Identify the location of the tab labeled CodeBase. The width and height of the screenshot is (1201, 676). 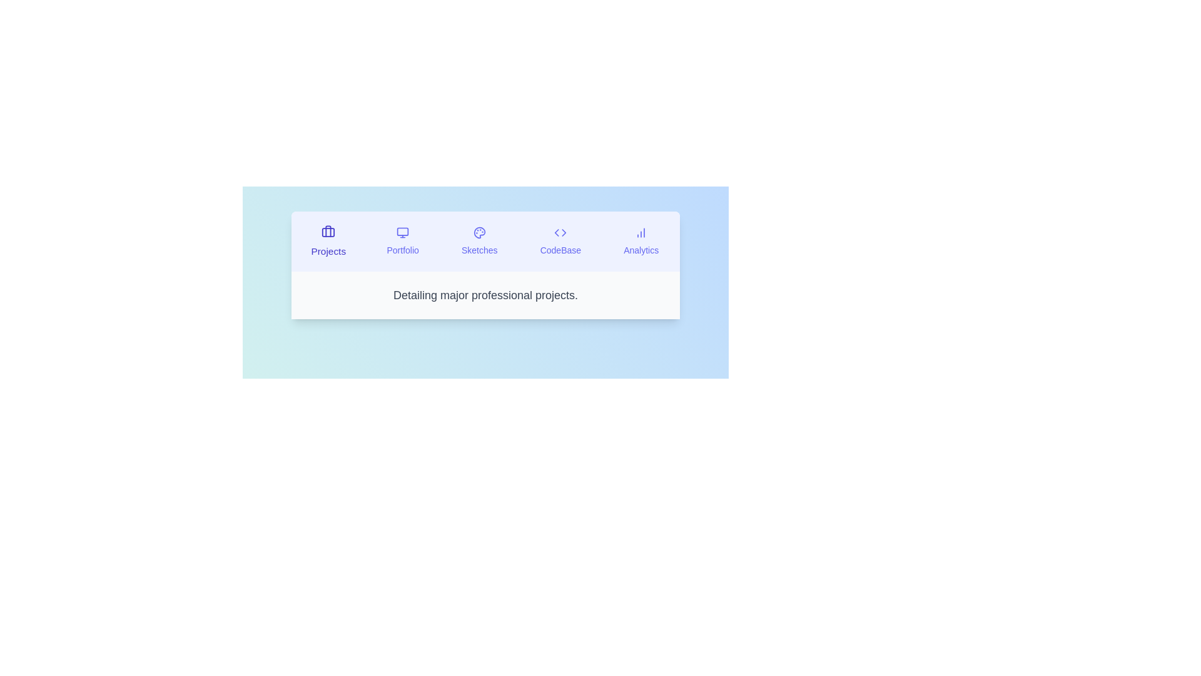
(560, 241).